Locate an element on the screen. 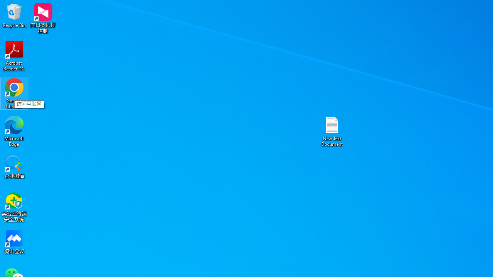 Image resolution: width=493 pixels, height=277 pixels. 'Google Chrome' is located at coordinates (14, 93).